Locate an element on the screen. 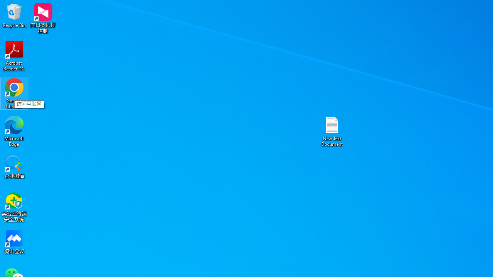 Image resolution: width=493 pixels, height=277 pixels. 'Google Chrome' is located at coordinates (14, 93).